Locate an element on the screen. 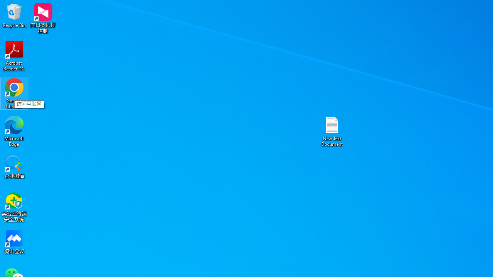 Image resolution: width=493 pixels, height=277 pixels. 'Google Chrome' is located at coordinates (14, 93).